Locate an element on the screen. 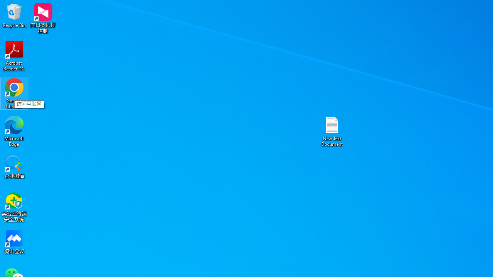 Image resolution: width=493 pixels, height=277 pixels. 'Google Chrome' is located at coordinates (14, 93).